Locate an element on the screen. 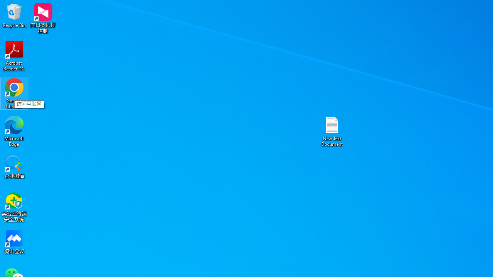 Image resolution: width=493 pixels, height=277 pixels. 'Google Chrome' is located at coordinates (14, 93).